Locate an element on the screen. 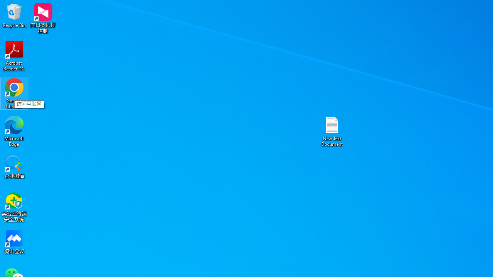 Image resolution: width=493 pixels, height=277 pixels. 'Google Chrome' is located at coordinates (14, 93).